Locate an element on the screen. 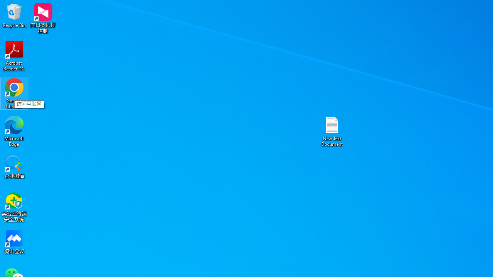 Image resolution: width=493 pixels, height=277 pixels. 'Google Chrome' is located at coordinates (14, 93).